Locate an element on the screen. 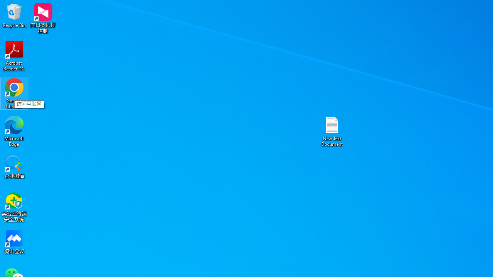 Image resolution: width=493 pixels, height=277 pixels. 'Google Chrome' is located at coordinates (14, 93).